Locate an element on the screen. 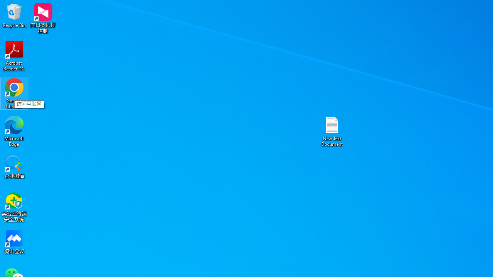 Image resolution: width=493 pixels, height=277 pixels. 'Google Chrome' is located at coordinates (14, 93).